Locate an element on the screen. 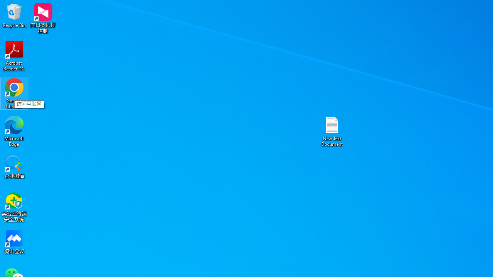 Image resolution: width=493 pixels, height=277 pixels. 'Google Chrome' is located at coordinates (14, 93).